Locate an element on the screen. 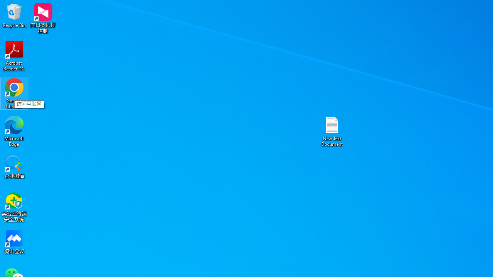 Image resolution: width=493 pixels, height=277 pixels. 'Google Chrome' is located at coordinates (14, 93).